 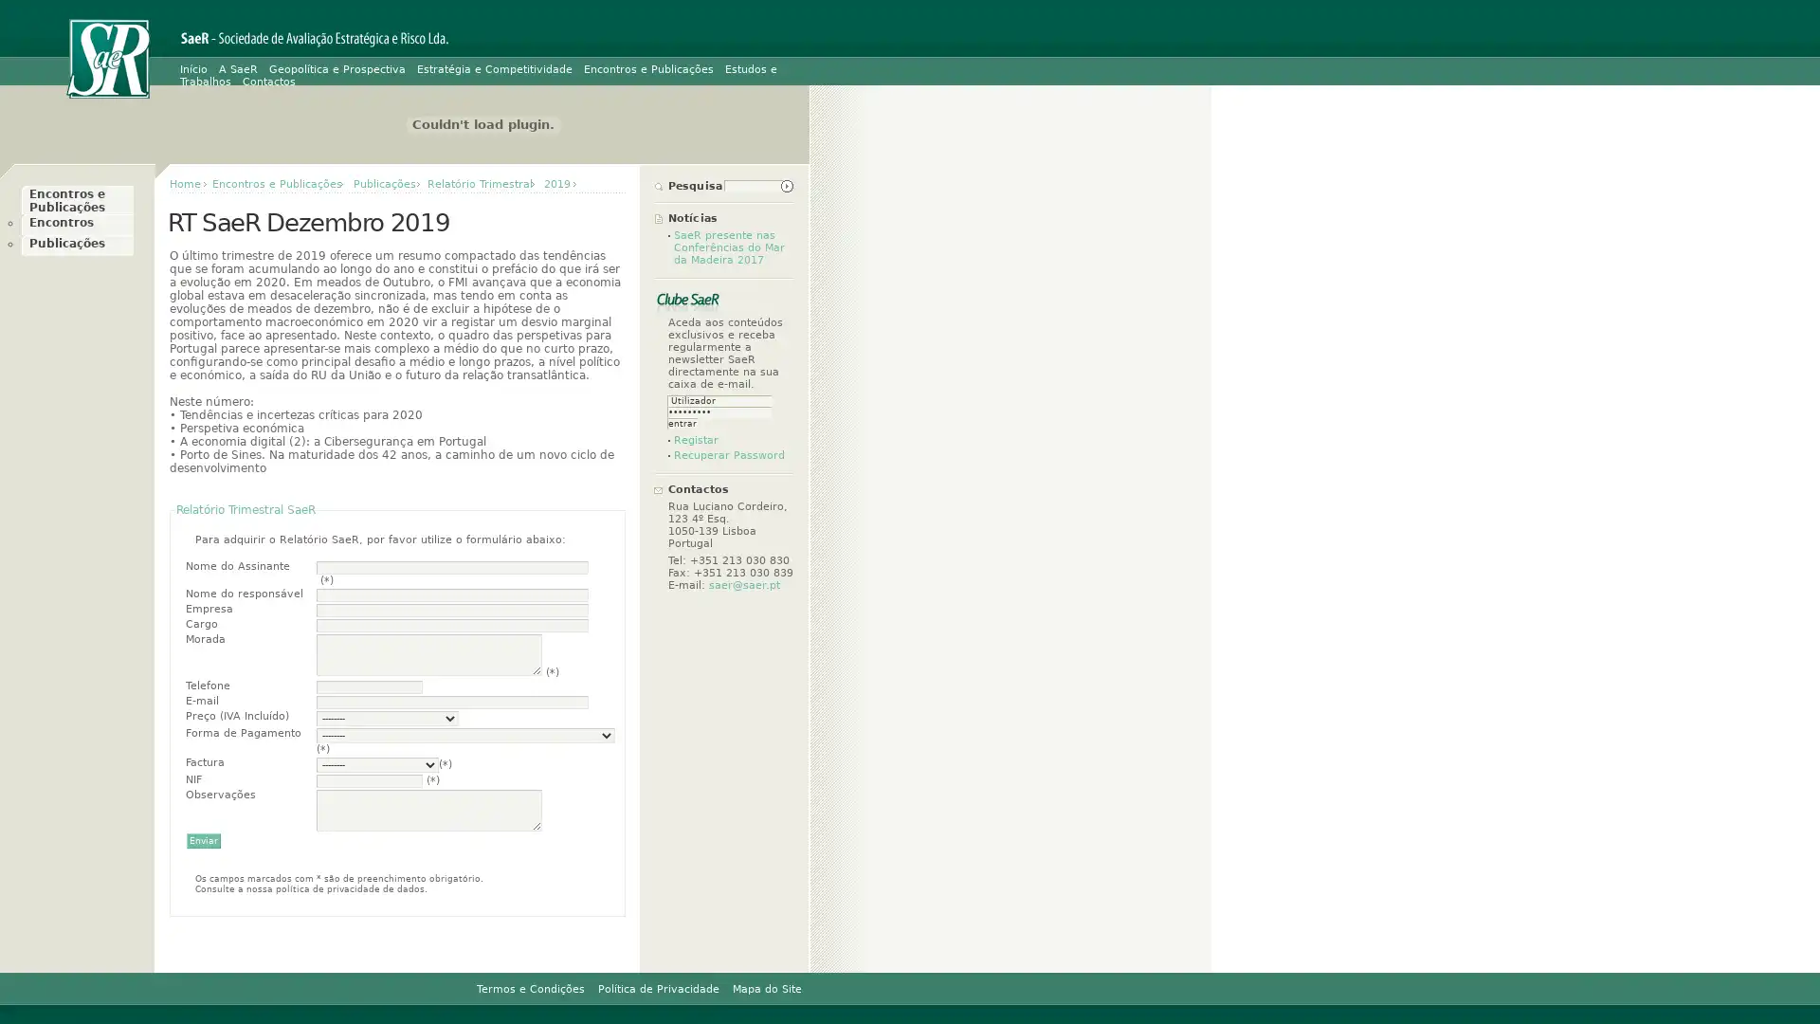 What do you see at coordinates (682, 423) in the screenshot?
I see `entrar` at bounding box center [682, 423].